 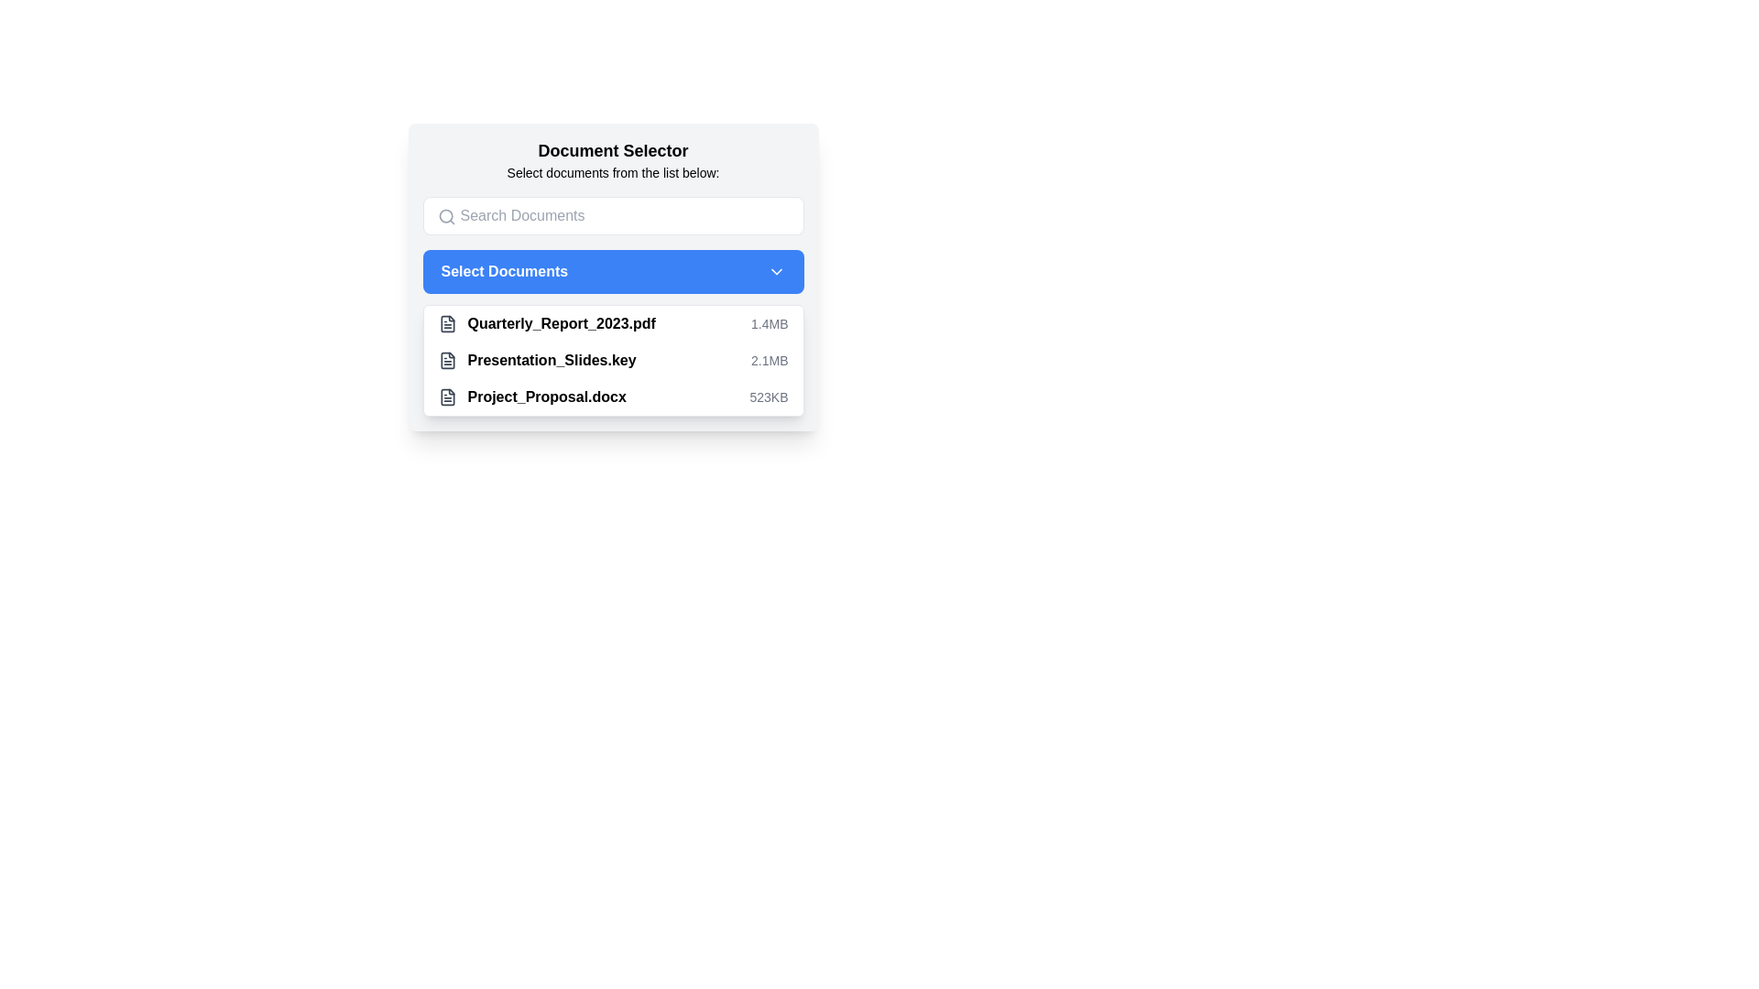 I want to click on text from the Text Label displaying '523KB', which is located in the third row of the file list to the right of 'Project_Proposal.docx', so click(x=769, y=397).